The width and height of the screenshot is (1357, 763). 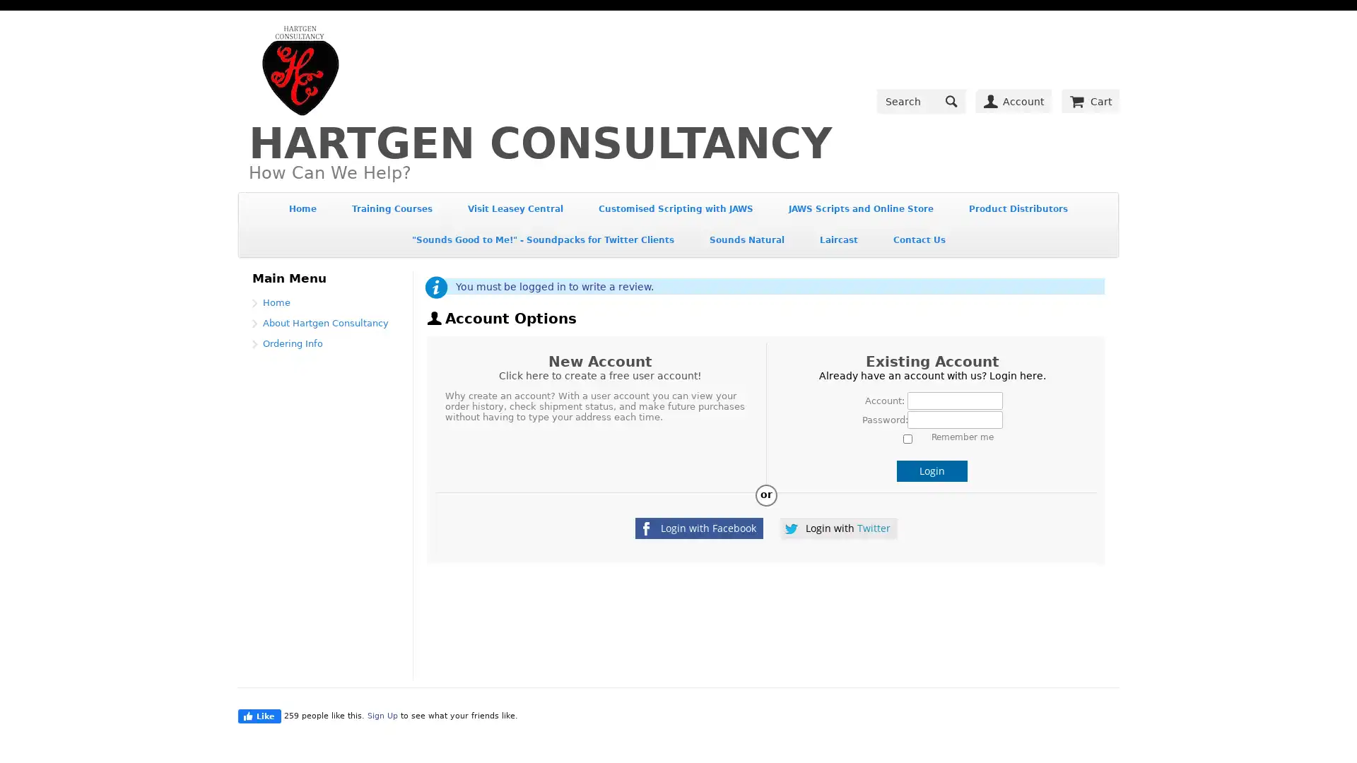 What do you see at coordinates (932, 471) in the screenshot?
I see `Login` at bounding box center [932, 471].